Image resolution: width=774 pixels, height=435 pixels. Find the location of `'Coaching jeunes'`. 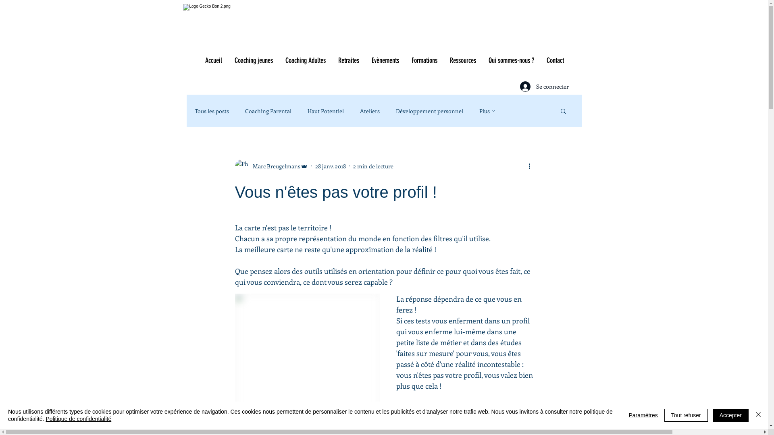

'Coaching jeunes' is located at coordinates (253, 60).